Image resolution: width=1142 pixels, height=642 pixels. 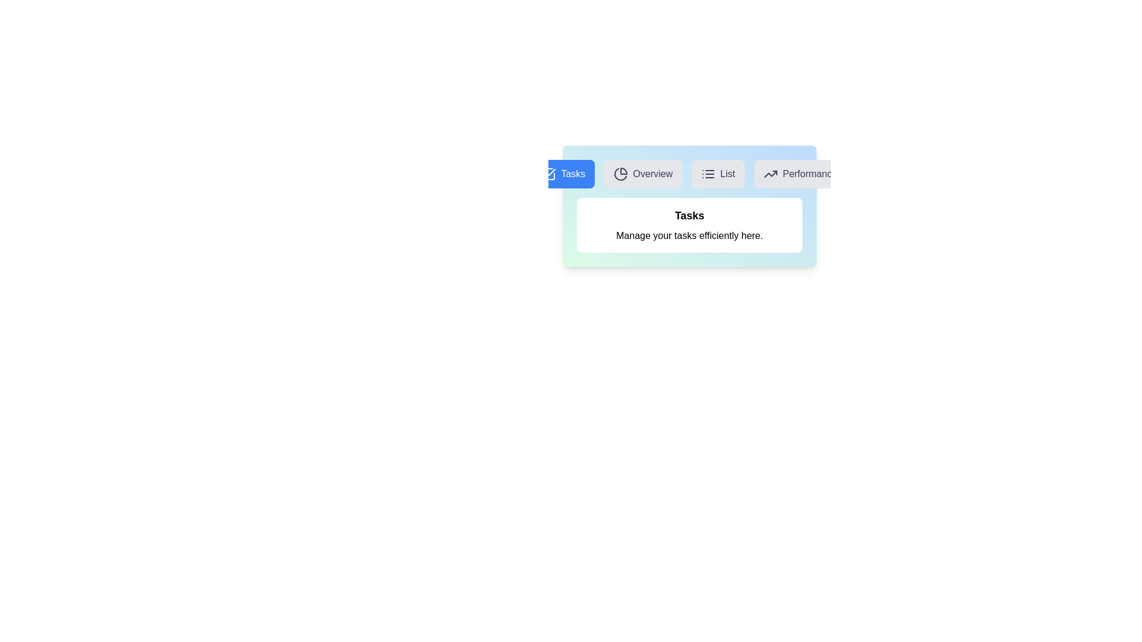 What do you see at coordinates (800, 174) in the screenshot?
I see `the Performance tab by clicking on its button` at bounding box center [800, 174].